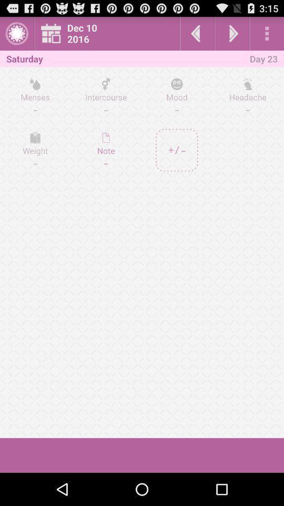 The height and width of the screenshot is (506, 284). What do you see at coordinates (35, 96) in the screenshot?
I see `the icon next to intercourse` at bounding box center [35, 96].